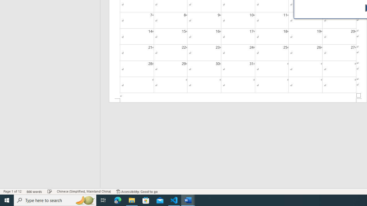 Image resolution: width=367 pixels, height=206 pixels. Describe the element at coordinates (34, 191) in the screenshot. I see `'Word Count 666 words'` at that location.